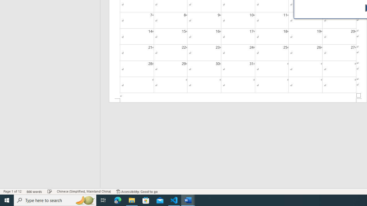 Image resolution: width=367 pixels, height=206 pixels. Describe the element at coordinates (34, 191) in the screenshot. I see `'Word Count 666 words'` at that location.